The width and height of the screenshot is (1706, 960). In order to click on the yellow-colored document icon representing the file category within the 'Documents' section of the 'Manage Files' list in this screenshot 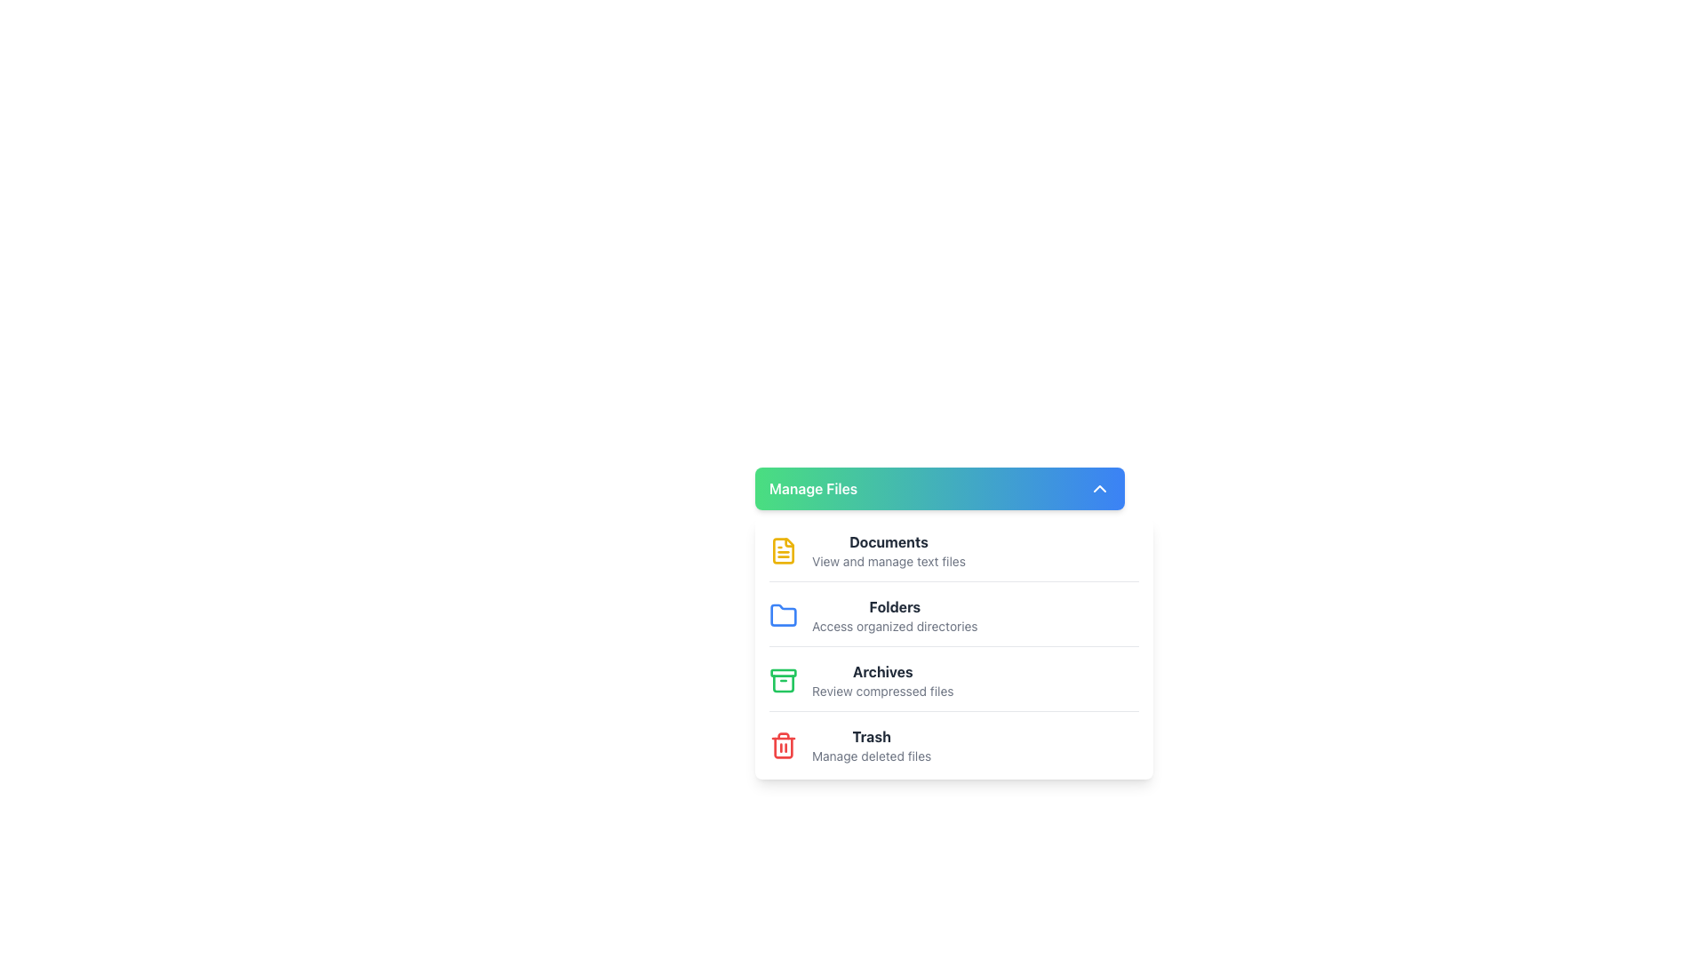, I will do `click(783, 550)`.